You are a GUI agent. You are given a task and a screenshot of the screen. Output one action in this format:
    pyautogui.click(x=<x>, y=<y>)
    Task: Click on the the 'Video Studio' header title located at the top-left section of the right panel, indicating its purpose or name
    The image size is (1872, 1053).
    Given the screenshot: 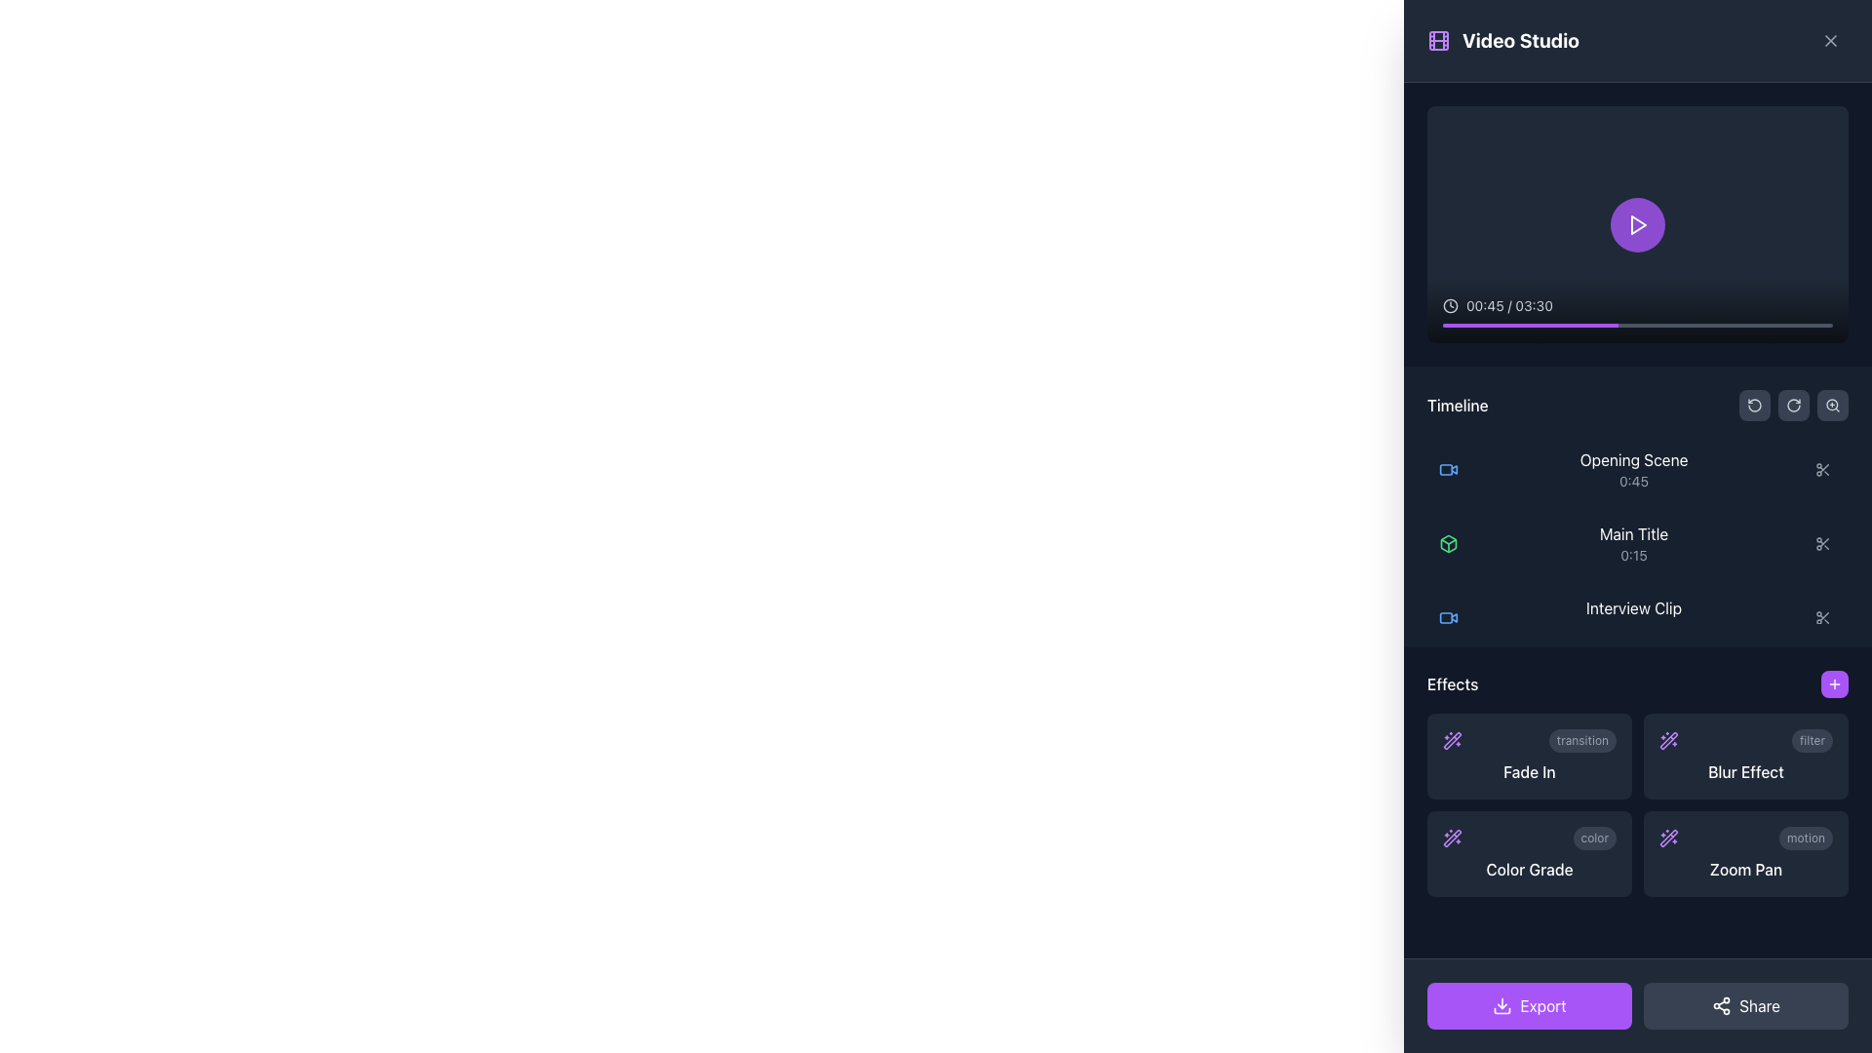 What is the action you would take?
    pyautogui.click(x=1520, y=41)
    